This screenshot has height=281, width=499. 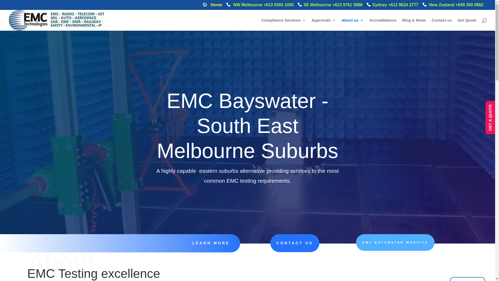 What do you see at coordinates (467, 24) in the screenshot?
I see `'Get Quote'` at bounding box center [467, 24].